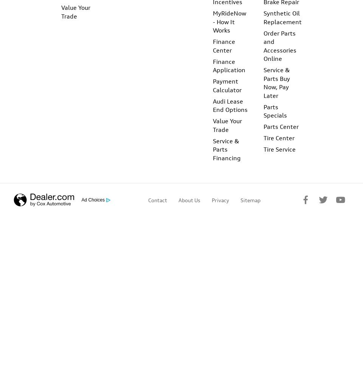 This screenshot has width=363, height=378. What do you see at coordinates (275, 111) in the screenshot?
I see `'Parts Specials'` at bounding box center [275, 111].